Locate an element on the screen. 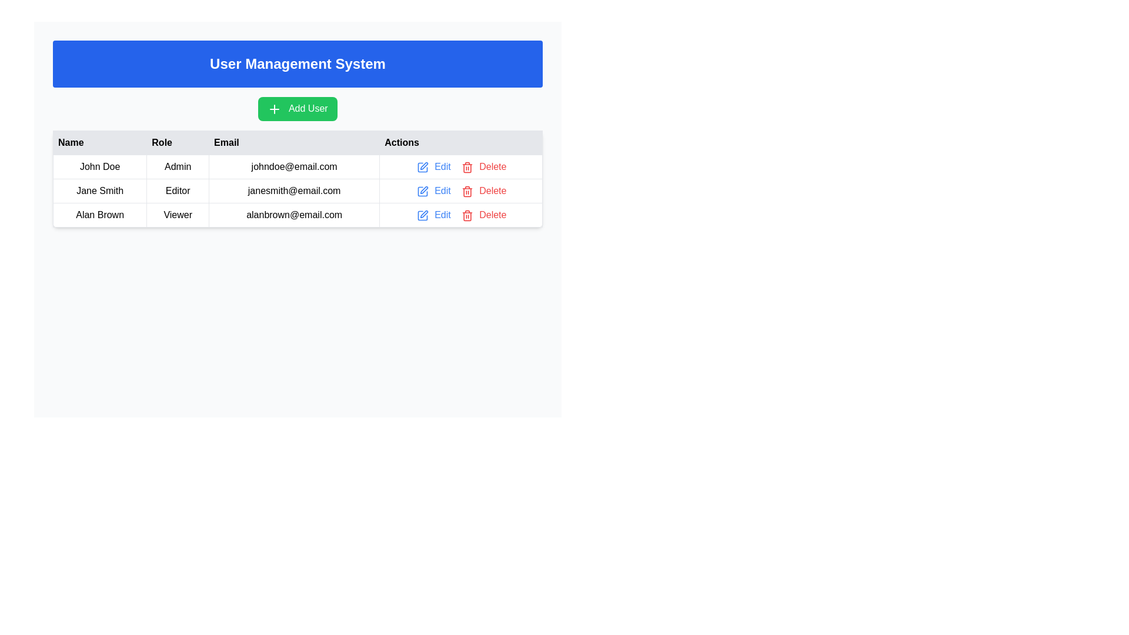 This screenshot has height=635, width=1129. the trash bin icon representing the delete action for 'Alan Brown' in the last row of the user management table is located at coordinates (466, 192).